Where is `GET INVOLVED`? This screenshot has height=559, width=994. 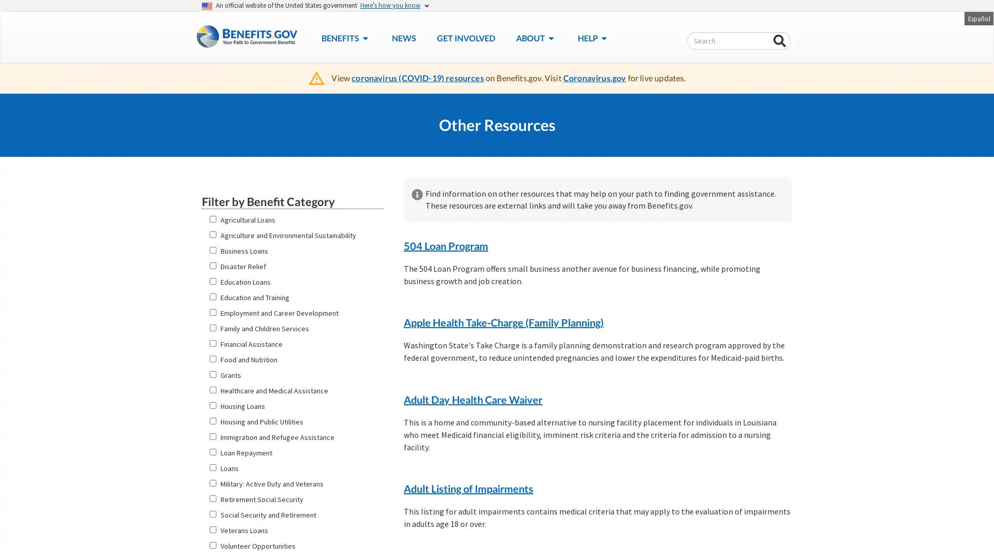
GET INVOLVED is located at coordinates (465, 37).